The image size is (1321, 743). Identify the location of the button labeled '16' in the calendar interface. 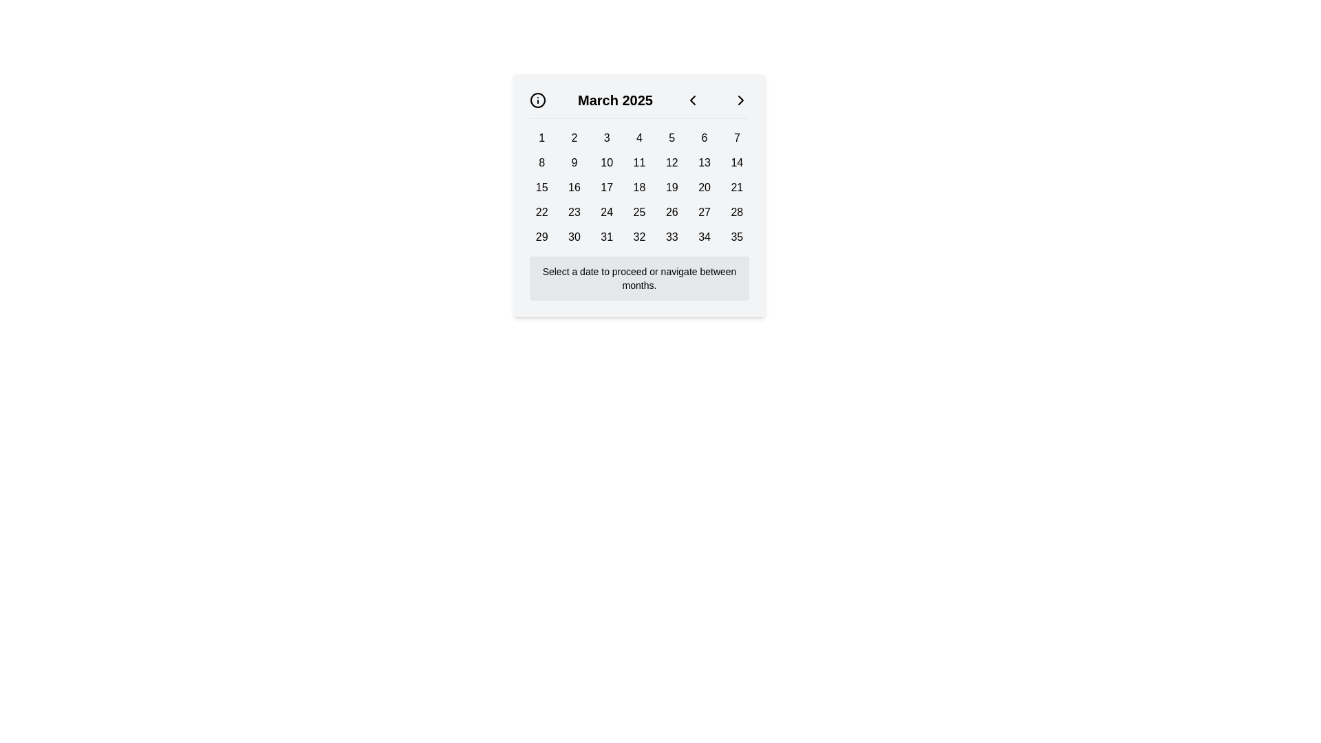
(574, 188).